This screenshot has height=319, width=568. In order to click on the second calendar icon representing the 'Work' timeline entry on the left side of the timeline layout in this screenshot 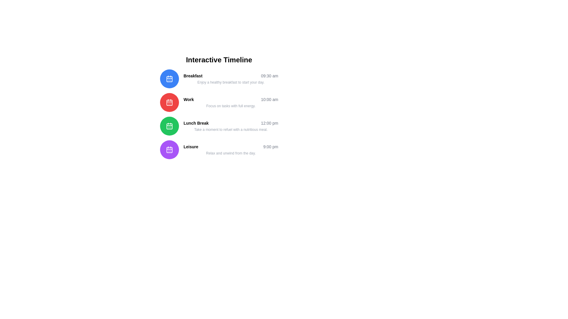, I will do `click(169, 102)`.